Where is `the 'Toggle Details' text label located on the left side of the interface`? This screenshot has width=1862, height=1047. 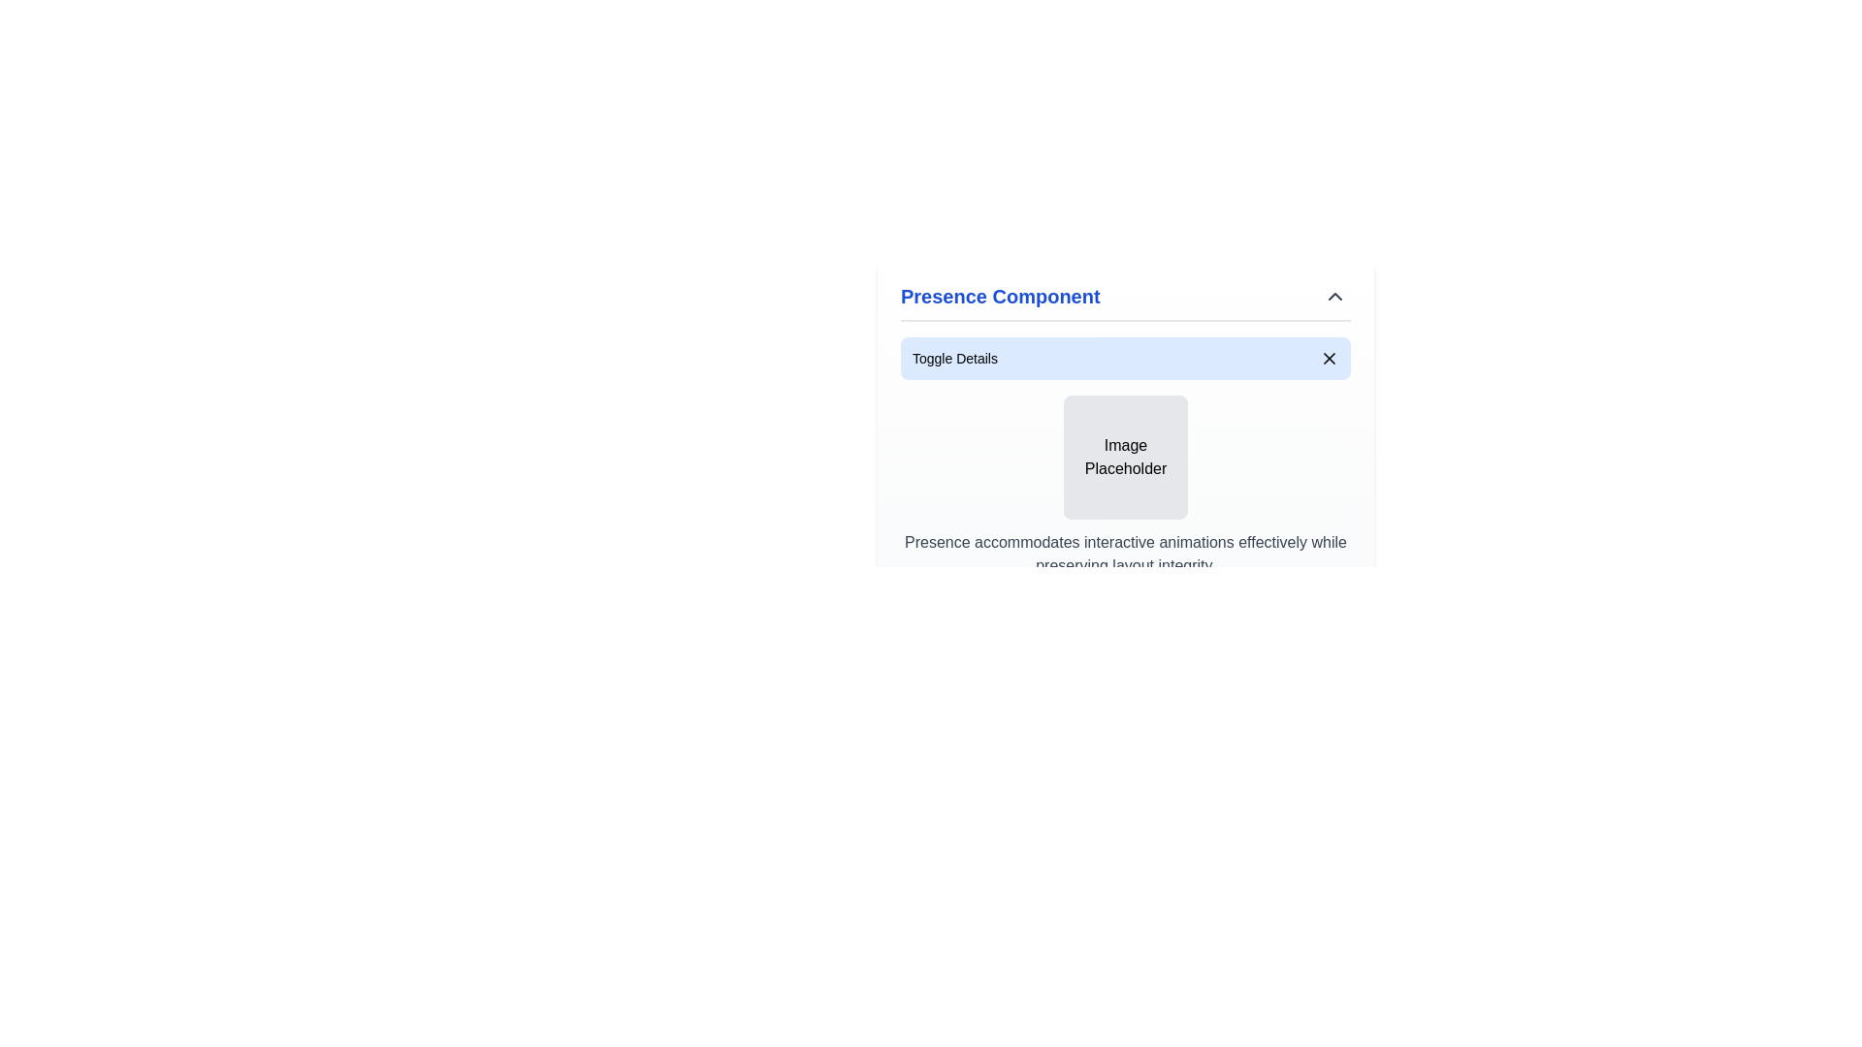
the 'Toggle Details' text label located on the left side of the interface is located at coordinates (954, 359).